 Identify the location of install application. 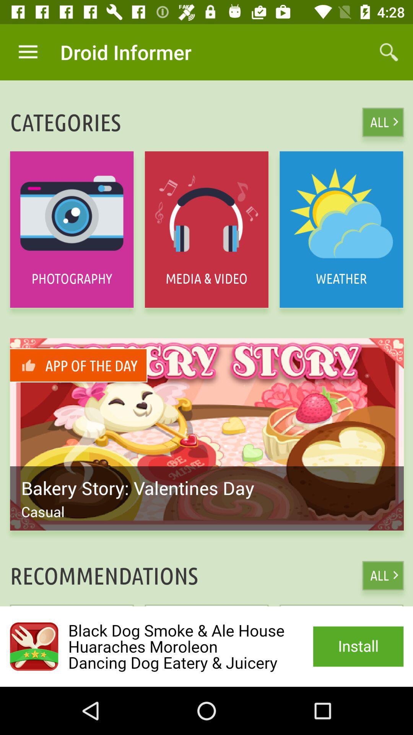
(206, 646).